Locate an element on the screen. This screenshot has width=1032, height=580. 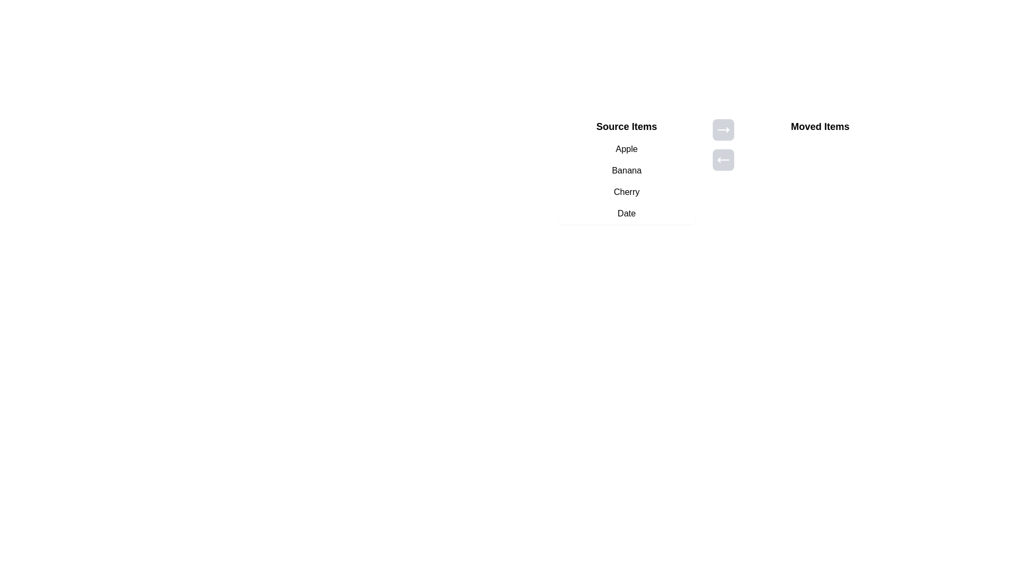
the rightward-pointing arrow icon located within the button to initiate a move action for selecting items from the 'Source Items' list is located at coordinates (723, 129).